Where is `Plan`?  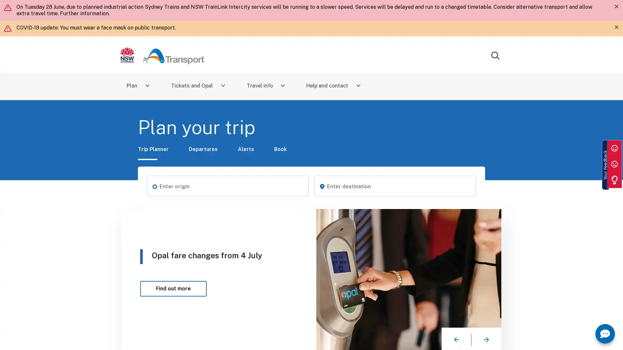
Plan is located at coordinates (138, 86).